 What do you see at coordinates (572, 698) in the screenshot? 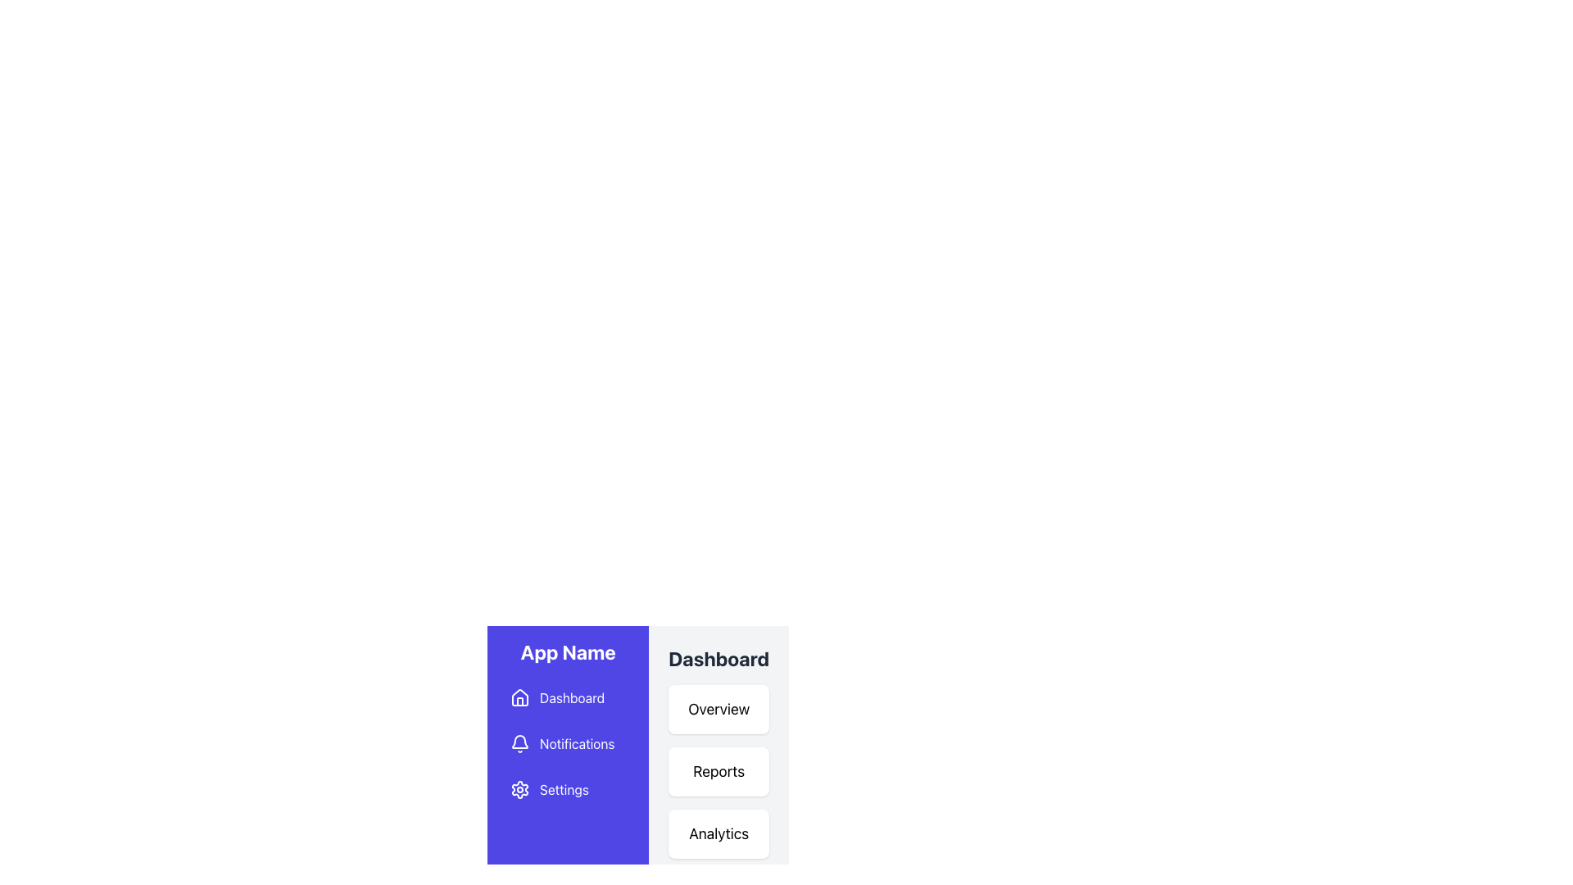
I see `the 'Dashboard' text label displayed in white font against a purple background in the vertical navigation sidebar on the left, following the house icon` at bounding box center [572, 698].